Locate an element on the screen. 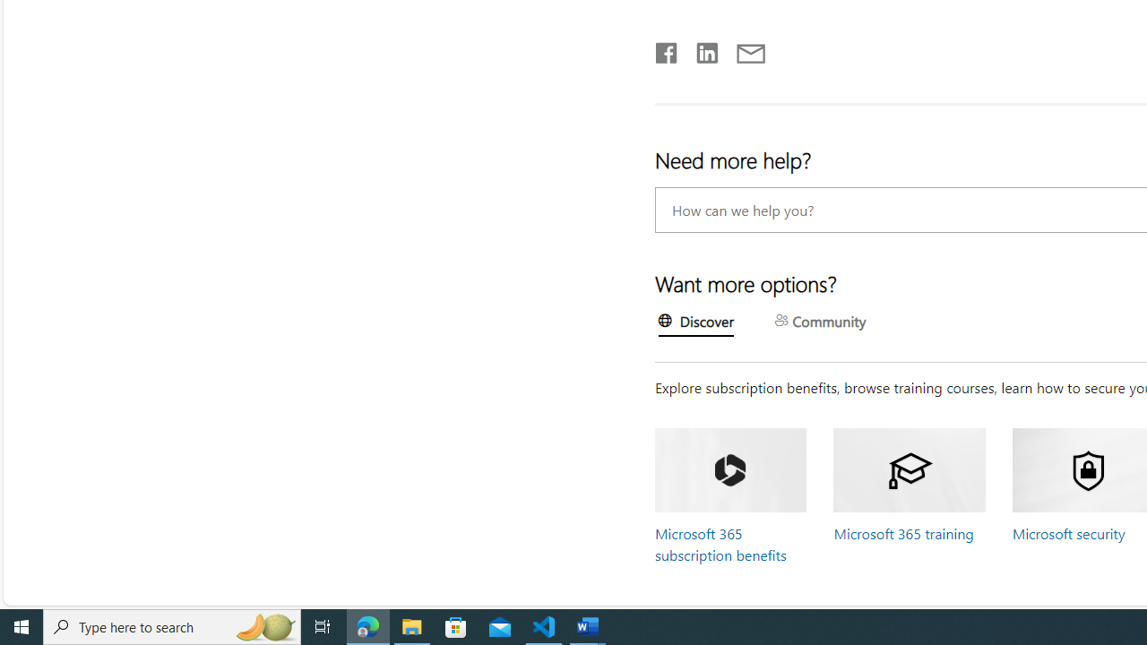 The width and height of the screenshot is (1147, 645). 'Share on Facebook' is located at coordinates (666, 48).